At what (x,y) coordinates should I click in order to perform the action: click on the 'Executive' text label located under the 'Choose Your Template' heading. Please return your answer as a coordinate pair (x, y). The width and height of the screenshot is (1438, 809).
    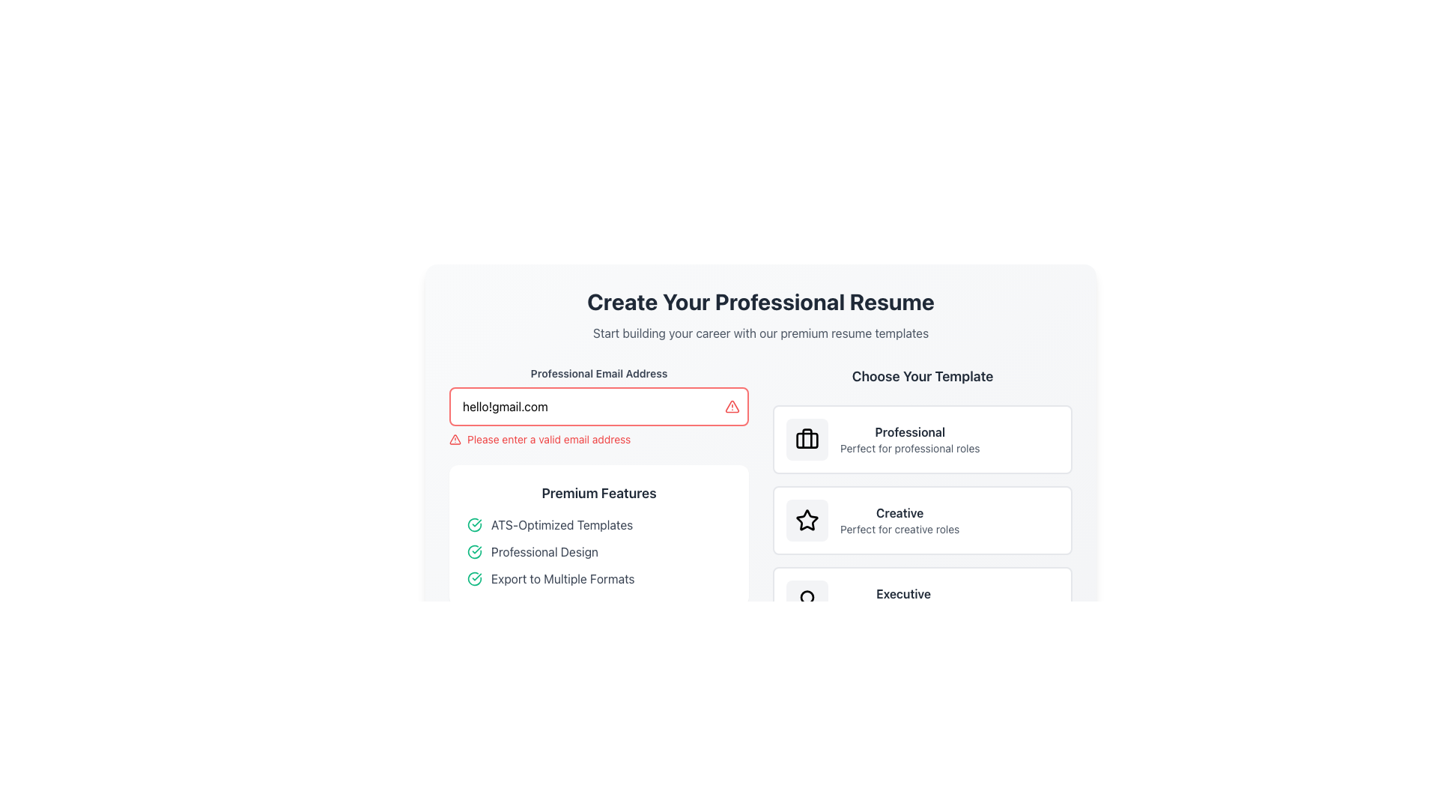
    Looking at the image, I should click on (902, 593).